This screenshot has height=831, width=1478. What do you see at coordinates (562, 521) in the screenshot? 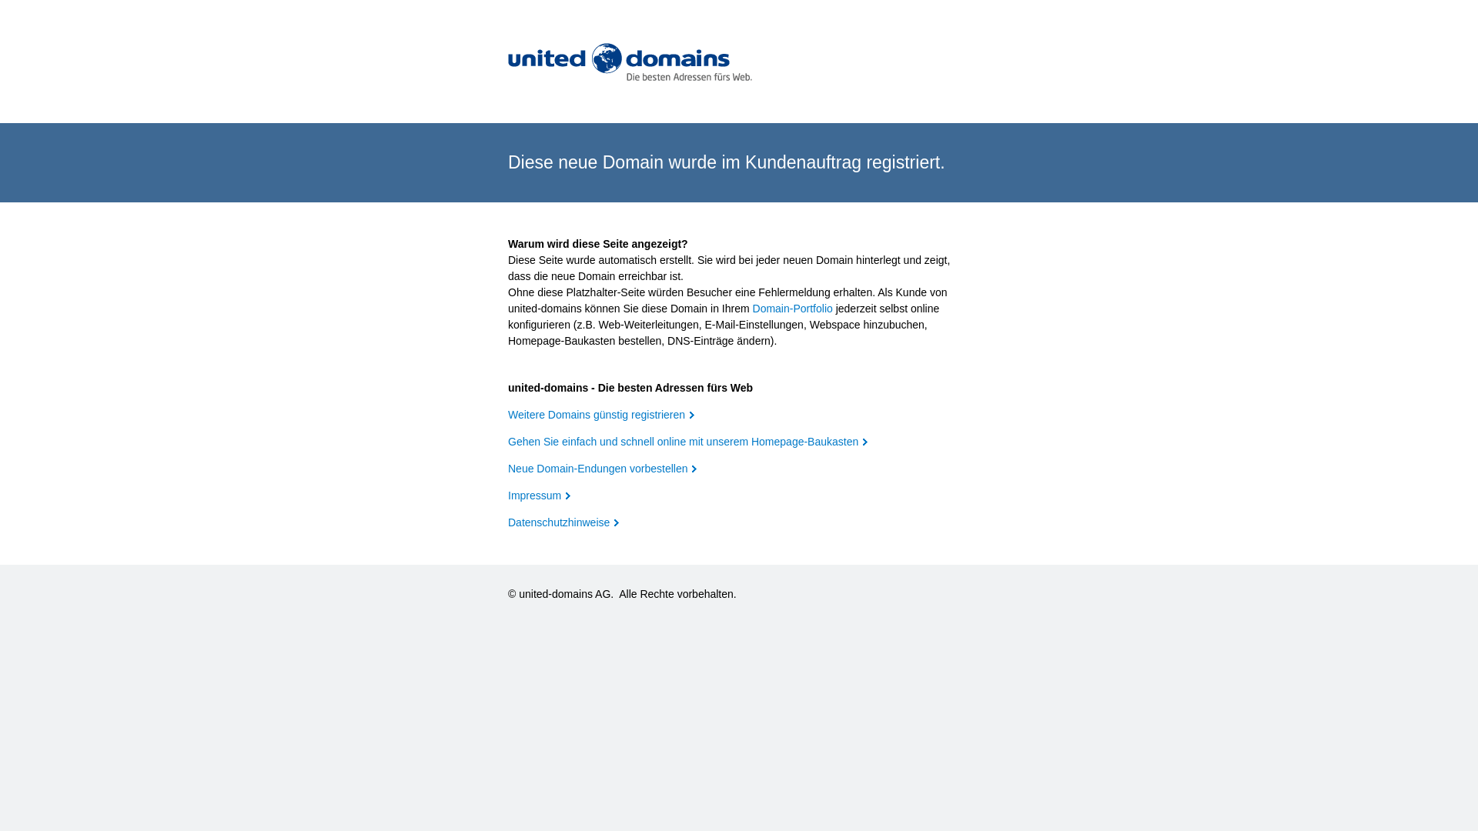
I see `'Datenschutzhinweise'` at bounding box center [562, 521].